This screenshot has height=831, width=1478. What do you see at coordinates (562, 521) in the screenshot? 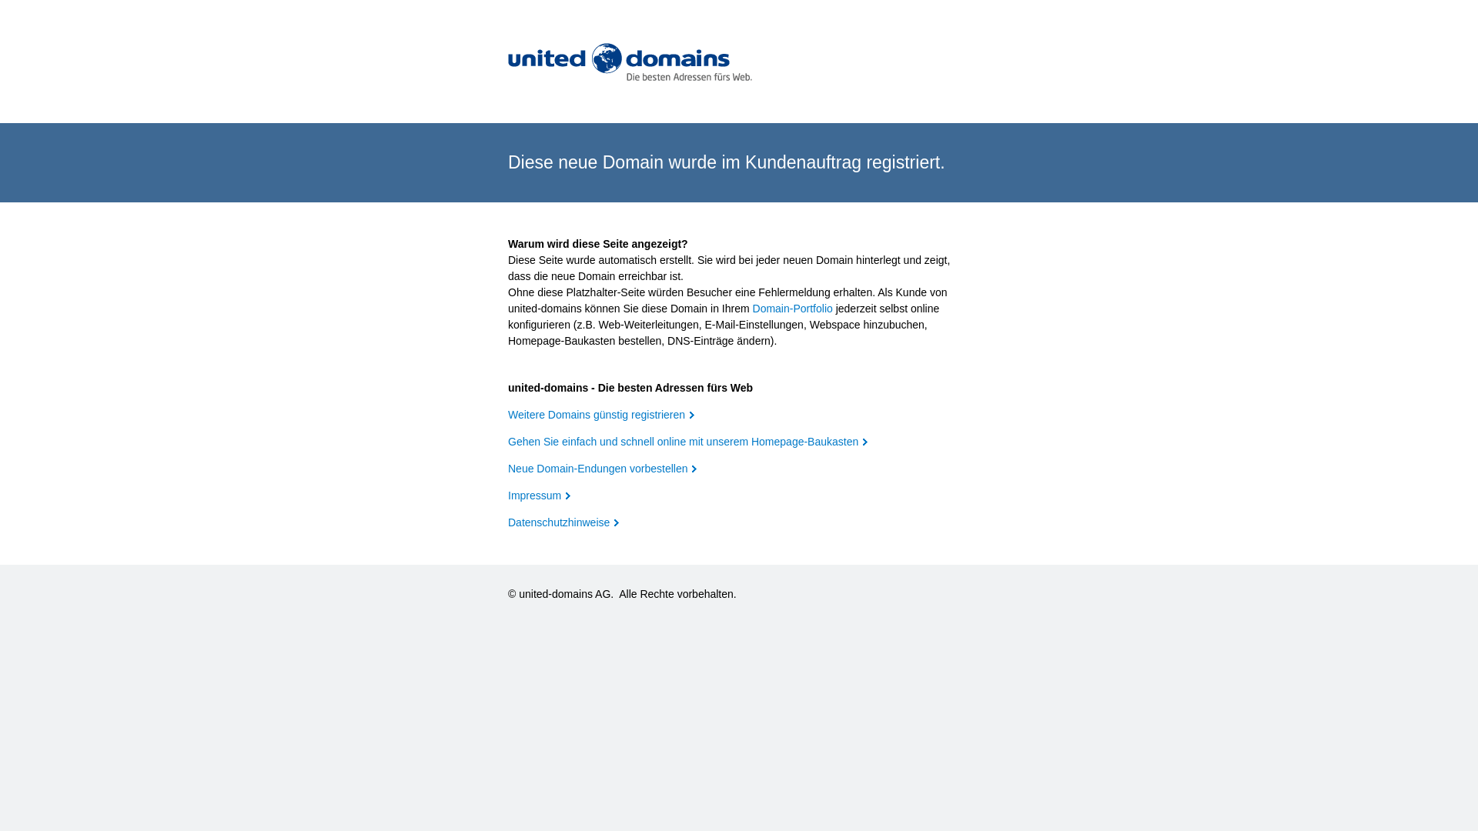
I see `'Datenschutzhinweise'` at bounding box center [562, 521].